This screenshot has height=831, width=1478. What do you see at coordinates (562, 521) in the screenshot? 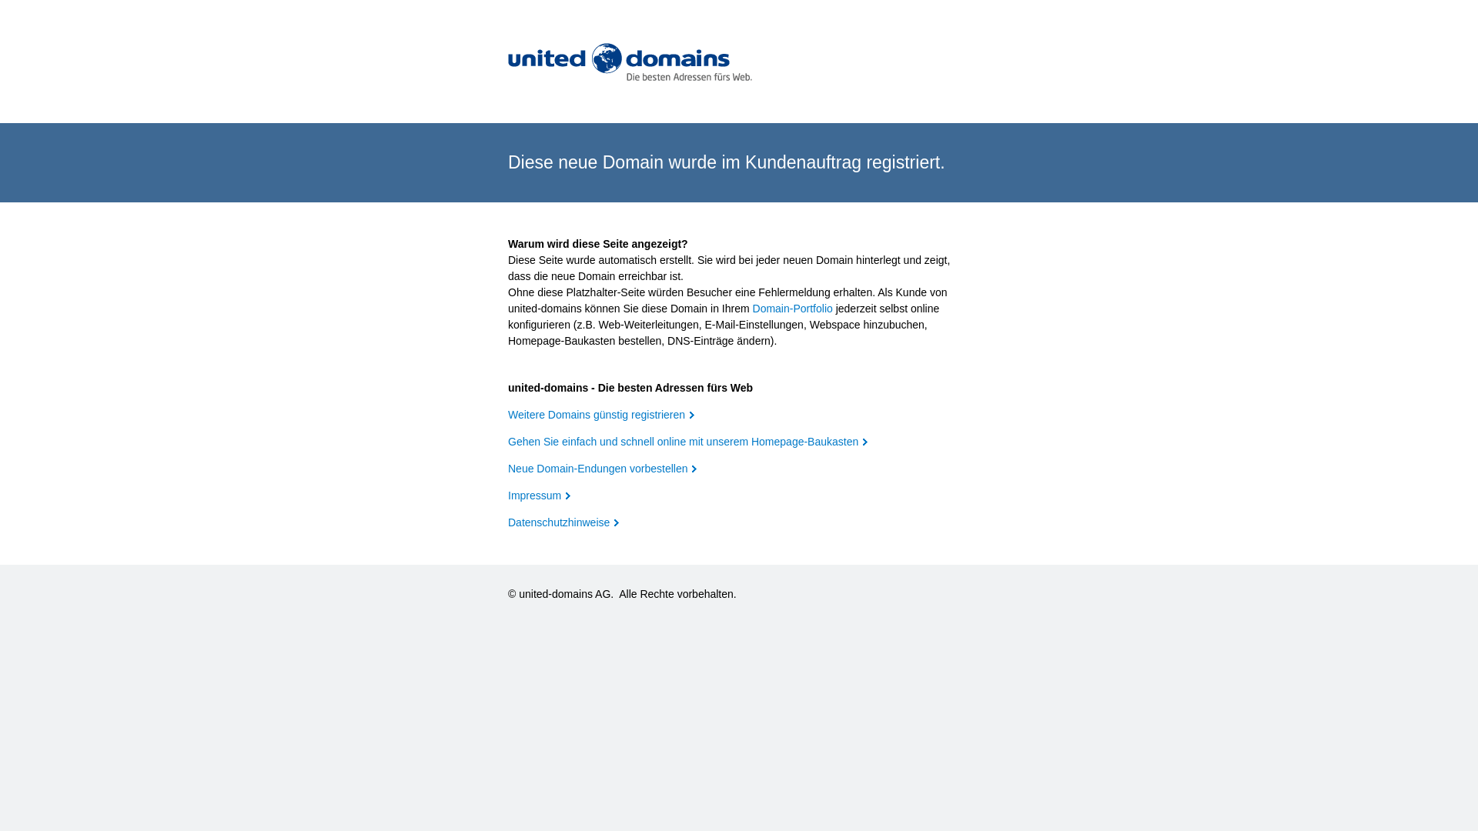
I see `'Datenschutzhinweise'` at bounding box center [562, 521].